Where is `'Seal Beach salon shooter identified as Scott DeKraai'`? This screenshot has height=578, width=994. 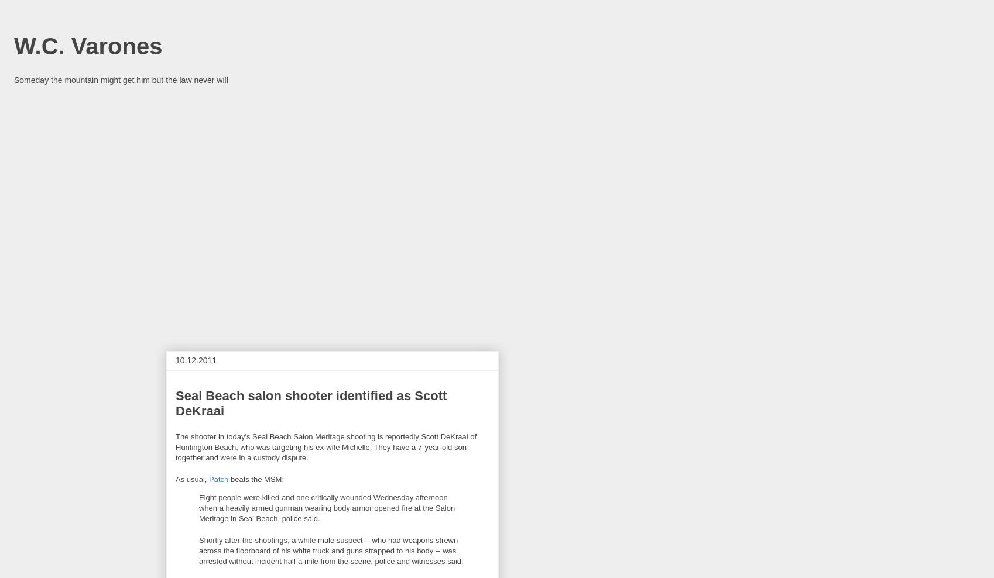
'Seal Beach salon shooter identified as Scott DeKraai' is located at coordinates (311, 403).